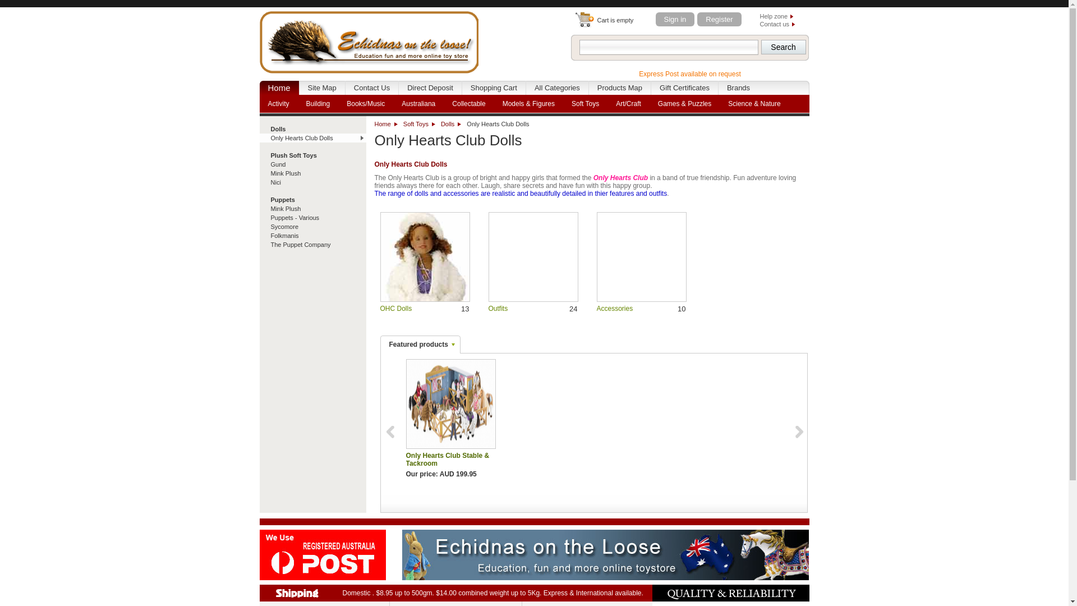 This screenshot has height=606, width=1077. Describe the element at coordinates (557, 87) in the screenshot. I see `'All Categories'` at that location.